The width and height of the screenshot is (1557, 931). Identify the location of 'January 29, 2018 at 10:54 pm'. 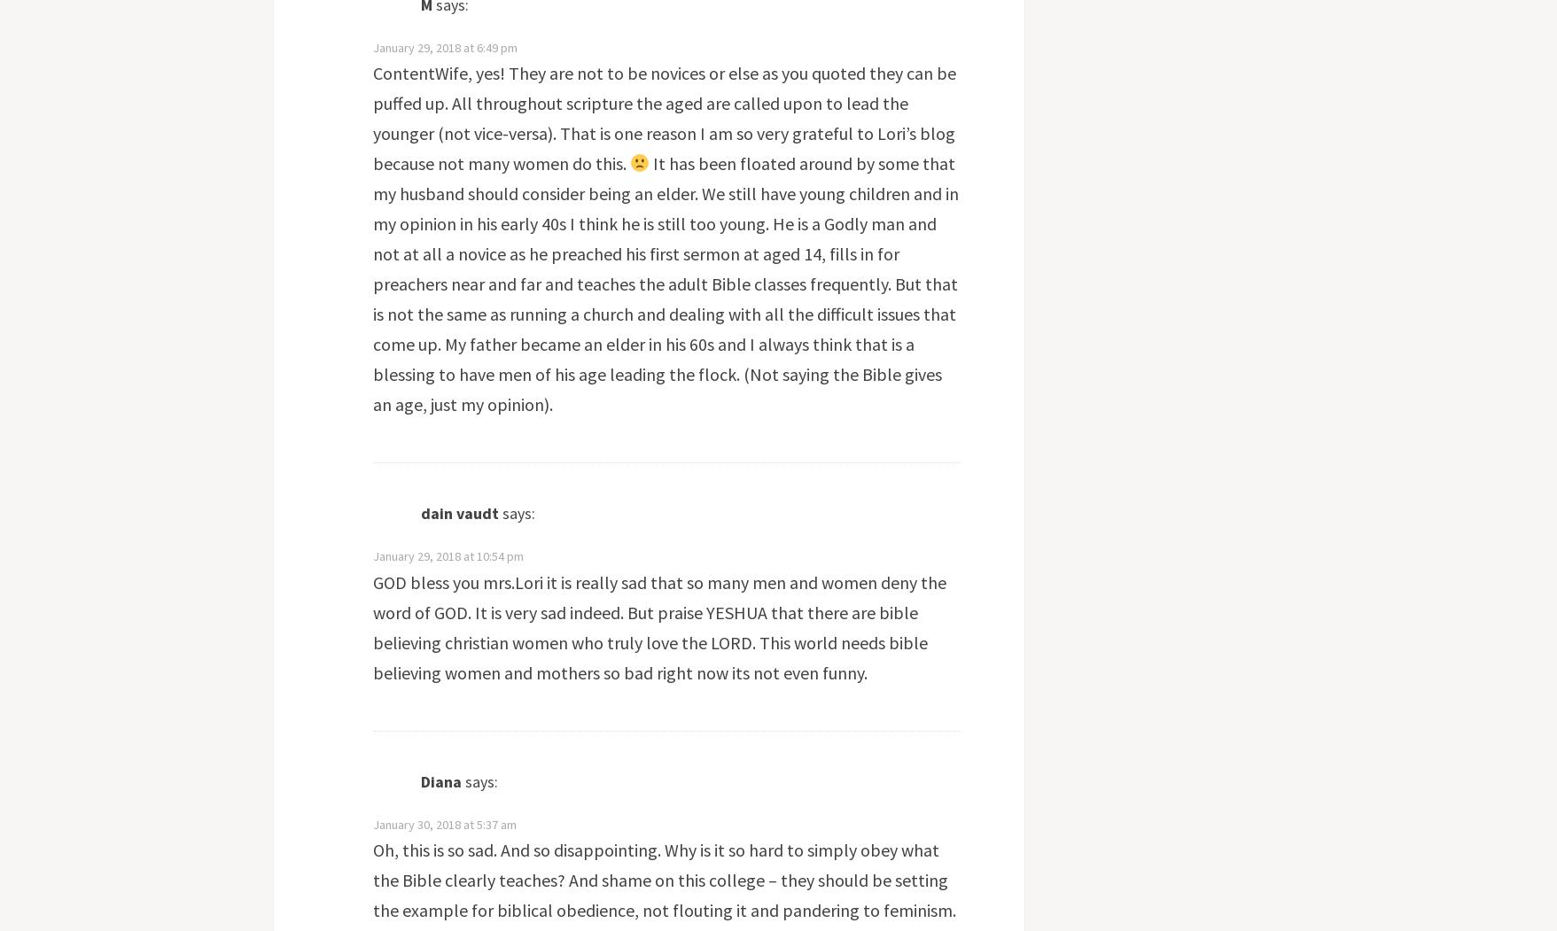
(370, 555).